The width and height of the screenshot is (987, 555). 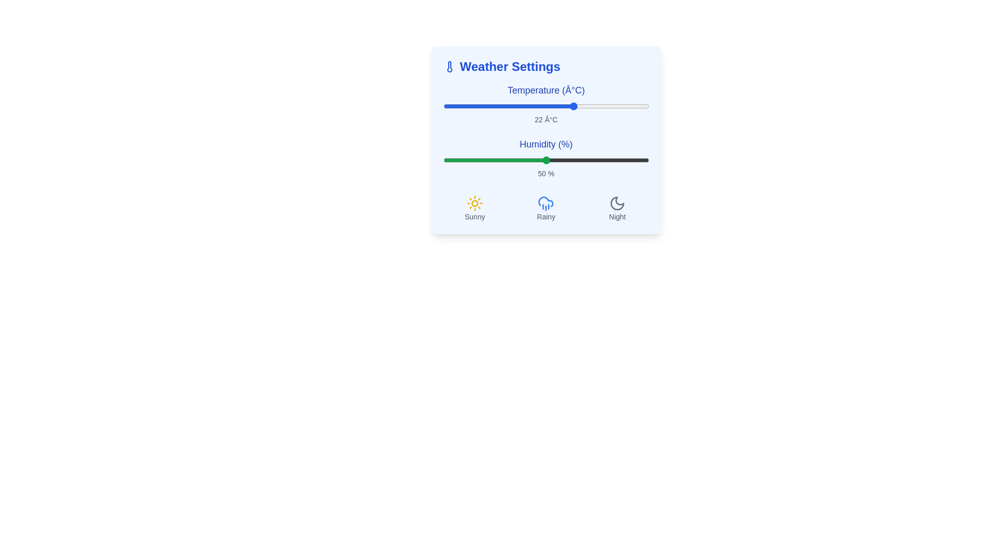 What do you see at coordinates (474, 203) in the screenshot?
I see `the SVG Circle representing the sun icon, which is visually enhancing the sunny weather setting option located in the lower left section of the interface` at bounding box center [474, 203].